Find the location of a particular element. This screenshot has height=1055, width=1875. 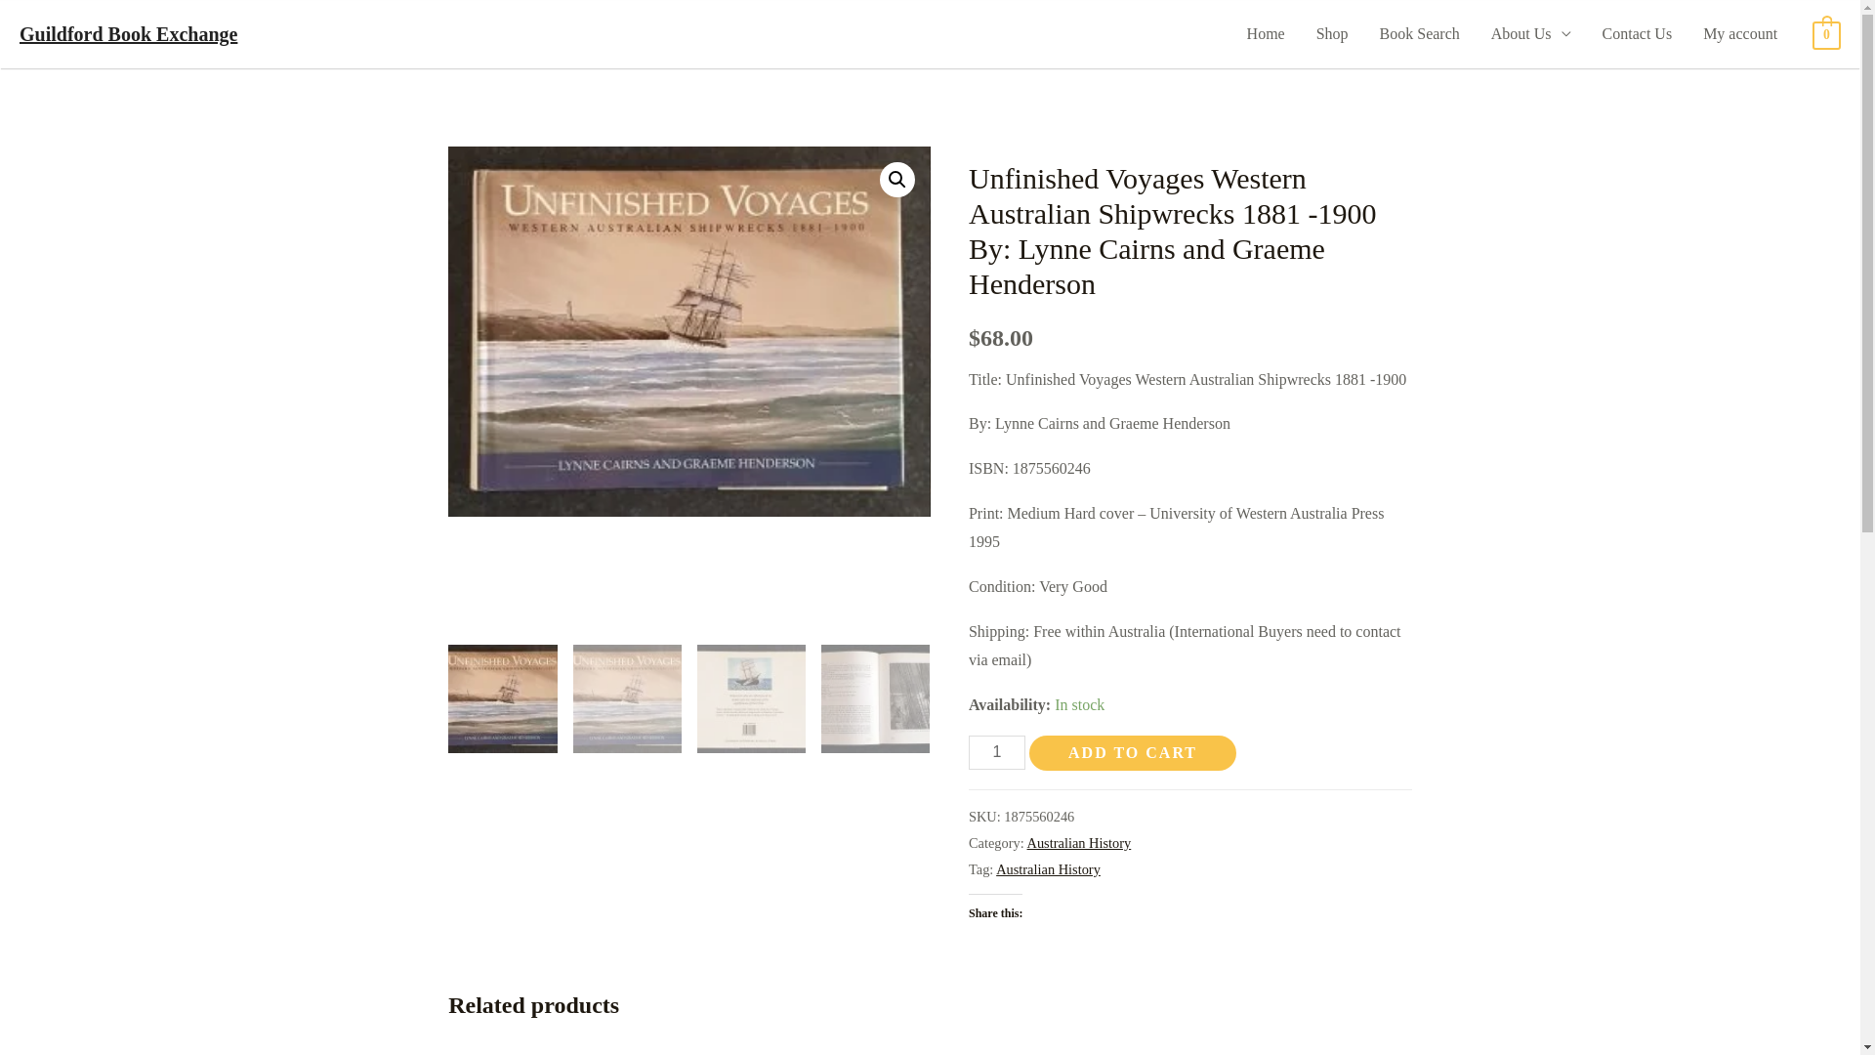

'Contact Us' is located at coordinates (1637, 33).